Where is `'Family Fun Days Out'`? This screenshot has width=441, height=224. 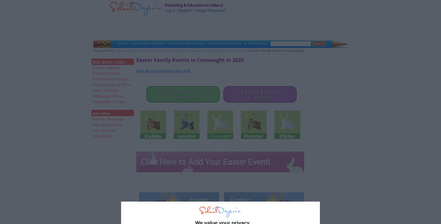 'Family Fun Days Out' is located at coordinates (128, 50).